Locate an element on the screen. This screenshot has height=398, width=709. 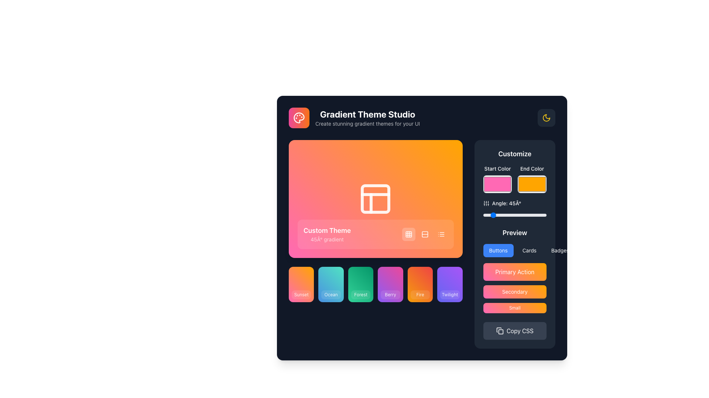
the orange color input field located below the 'End Color' label in the 'Customize' section is located at coordinates (532, 184).